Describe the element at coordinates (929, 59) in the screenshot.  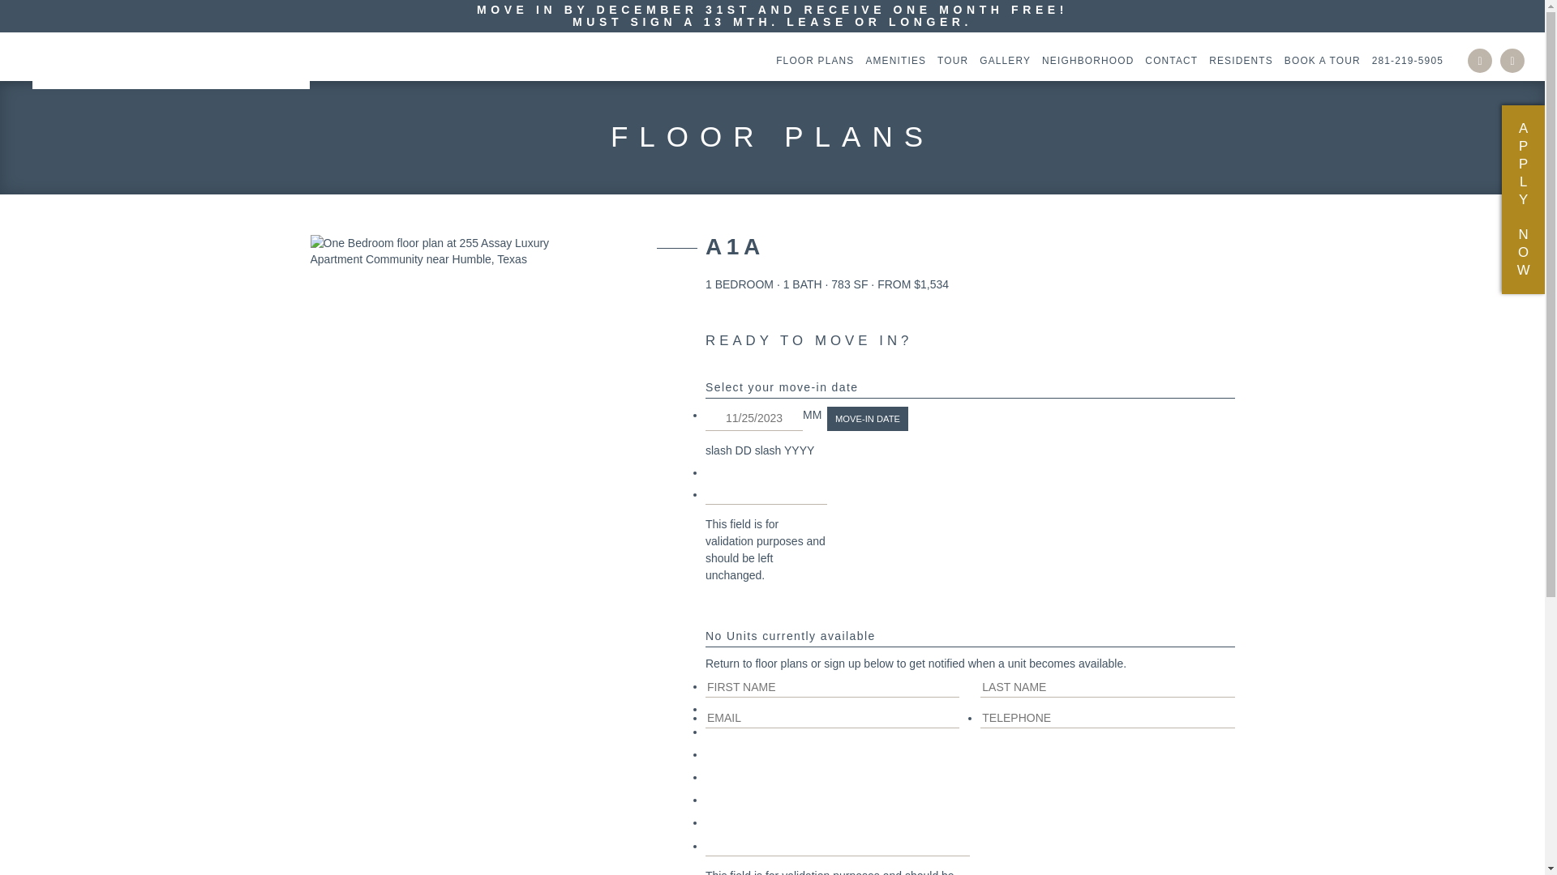
I see `'TOUR'` at that location.